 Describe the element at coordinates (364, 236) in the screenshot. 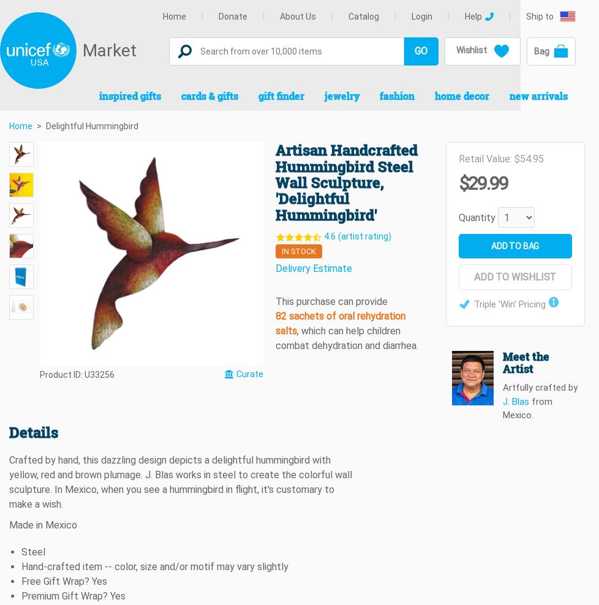

I see `'(artist rating)'` at that location.